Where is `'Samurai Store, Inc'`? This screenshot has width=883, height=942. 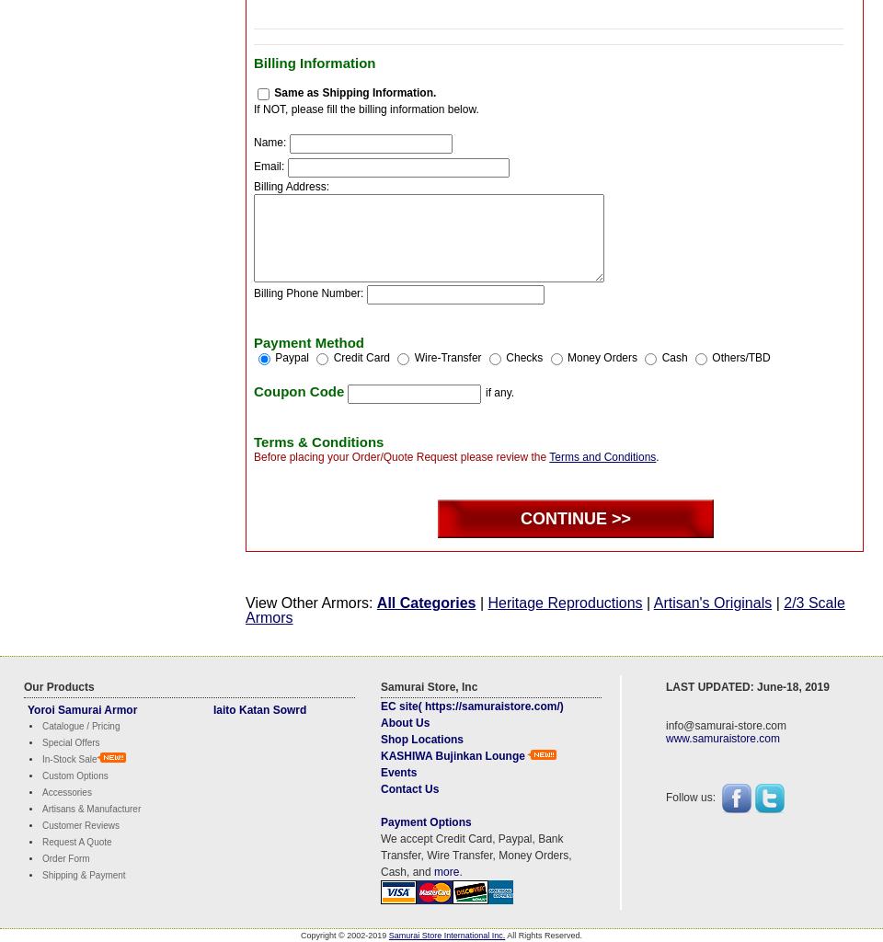
'Samurai Store, Inc' is located at coordinates (380, 684).